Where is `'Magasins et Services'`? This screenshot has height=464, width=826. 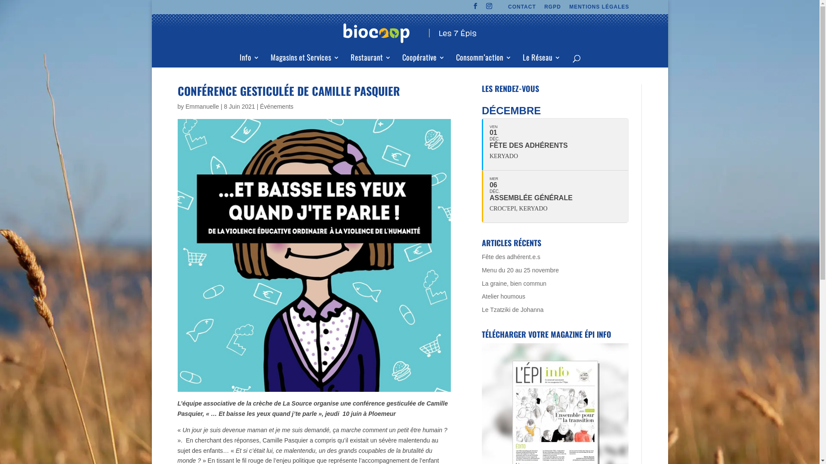
'Magasins et Services' is located at coordinates (305, 60).